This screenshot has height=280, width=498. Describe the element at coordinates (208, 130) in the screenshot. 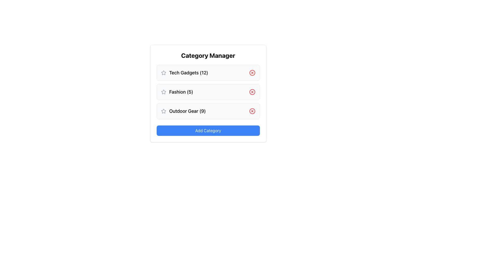

I see `the 'Add New Category' button located at the bottom of the 'Category Manager' card` at that location.